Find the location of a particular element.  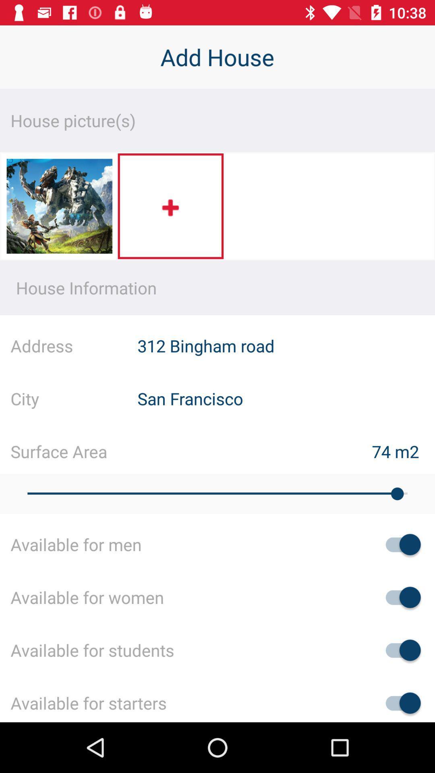

more is located at coordinates (170, 206).